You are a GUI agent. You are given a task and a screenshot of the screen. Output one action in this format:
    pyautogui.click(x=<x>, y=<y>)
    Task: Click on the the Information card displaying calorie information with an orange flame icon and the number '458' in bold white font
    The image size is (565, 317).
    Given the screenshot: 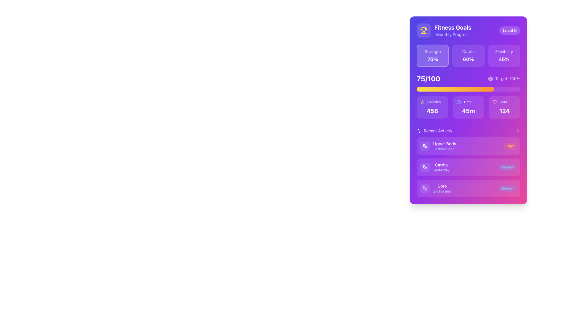 What is the action you would take?
    pyautogui.click(x=432, y=107)
    